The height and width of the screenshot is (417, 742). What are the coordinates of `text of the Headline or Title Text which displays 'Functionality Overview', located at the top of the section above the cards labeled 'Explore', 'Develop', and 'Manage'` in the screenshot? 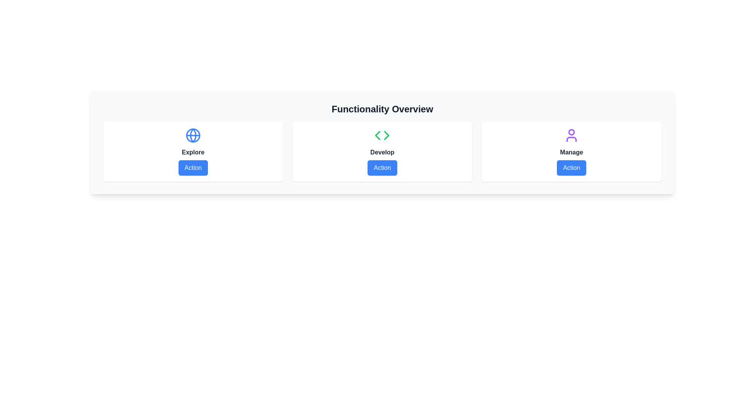 It's located at (382, 109).